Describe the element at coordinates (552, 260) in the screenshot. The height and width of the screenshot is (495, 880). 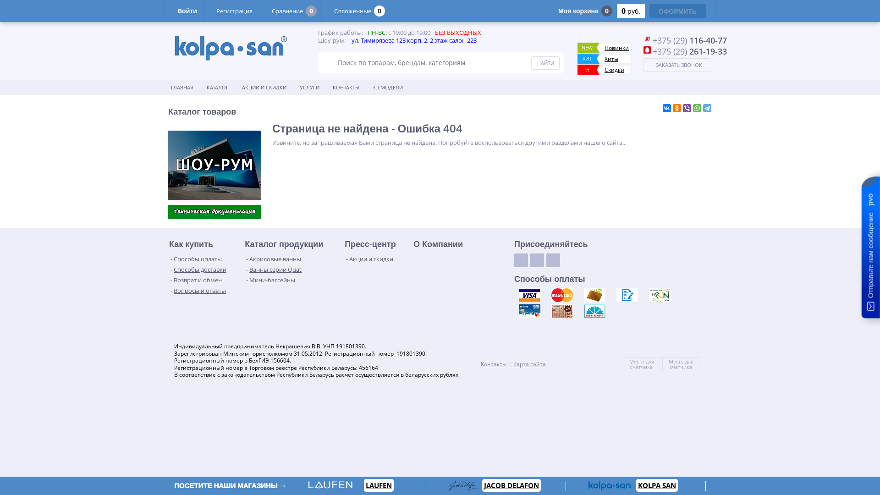
I see `'Instagram'` at that location.